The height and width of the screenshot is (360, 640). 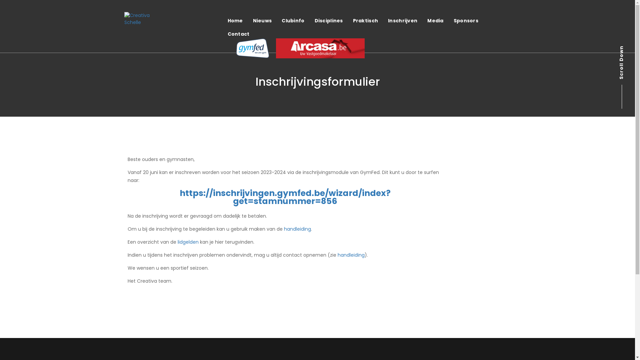 I want to click on 'Disciplines', so click(x=329, y=20).